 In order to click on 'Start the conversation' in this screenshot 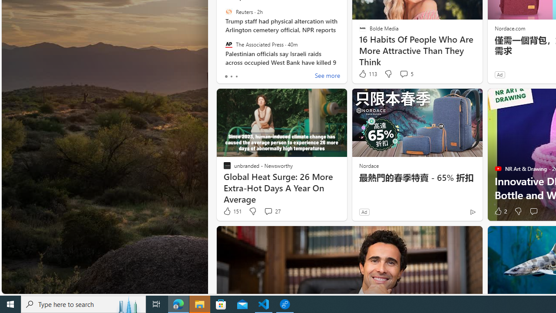, I will do `click(533, 211)`.